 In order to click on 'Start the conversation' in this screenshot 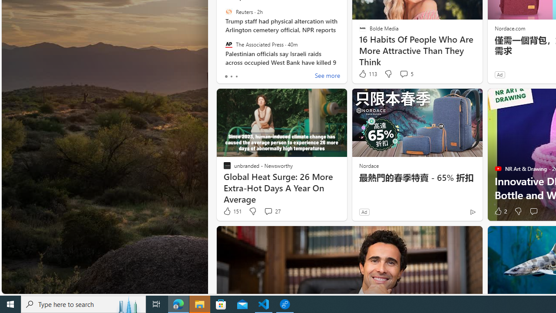, I will do `click(533, 211)`.